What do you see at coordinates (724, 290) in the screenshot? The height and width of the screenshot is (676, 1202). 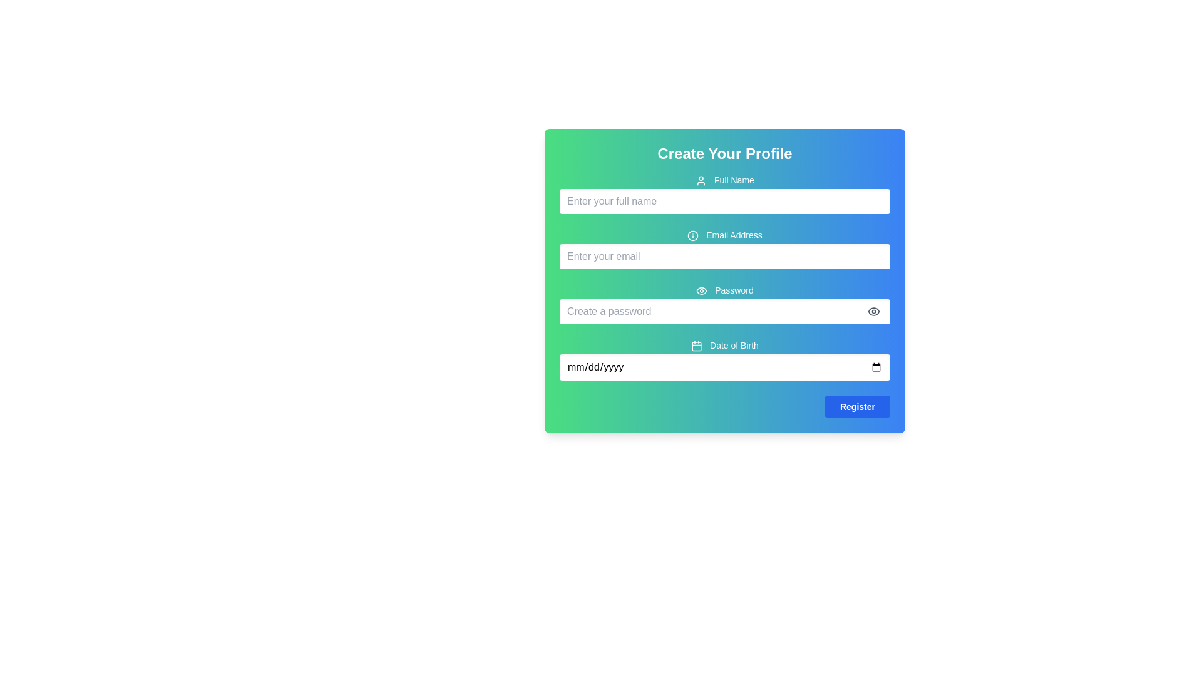 I see `the 'Password' label, which is styled with a white font and positioned above the password input field in the form` at bounding box center [724, 290].